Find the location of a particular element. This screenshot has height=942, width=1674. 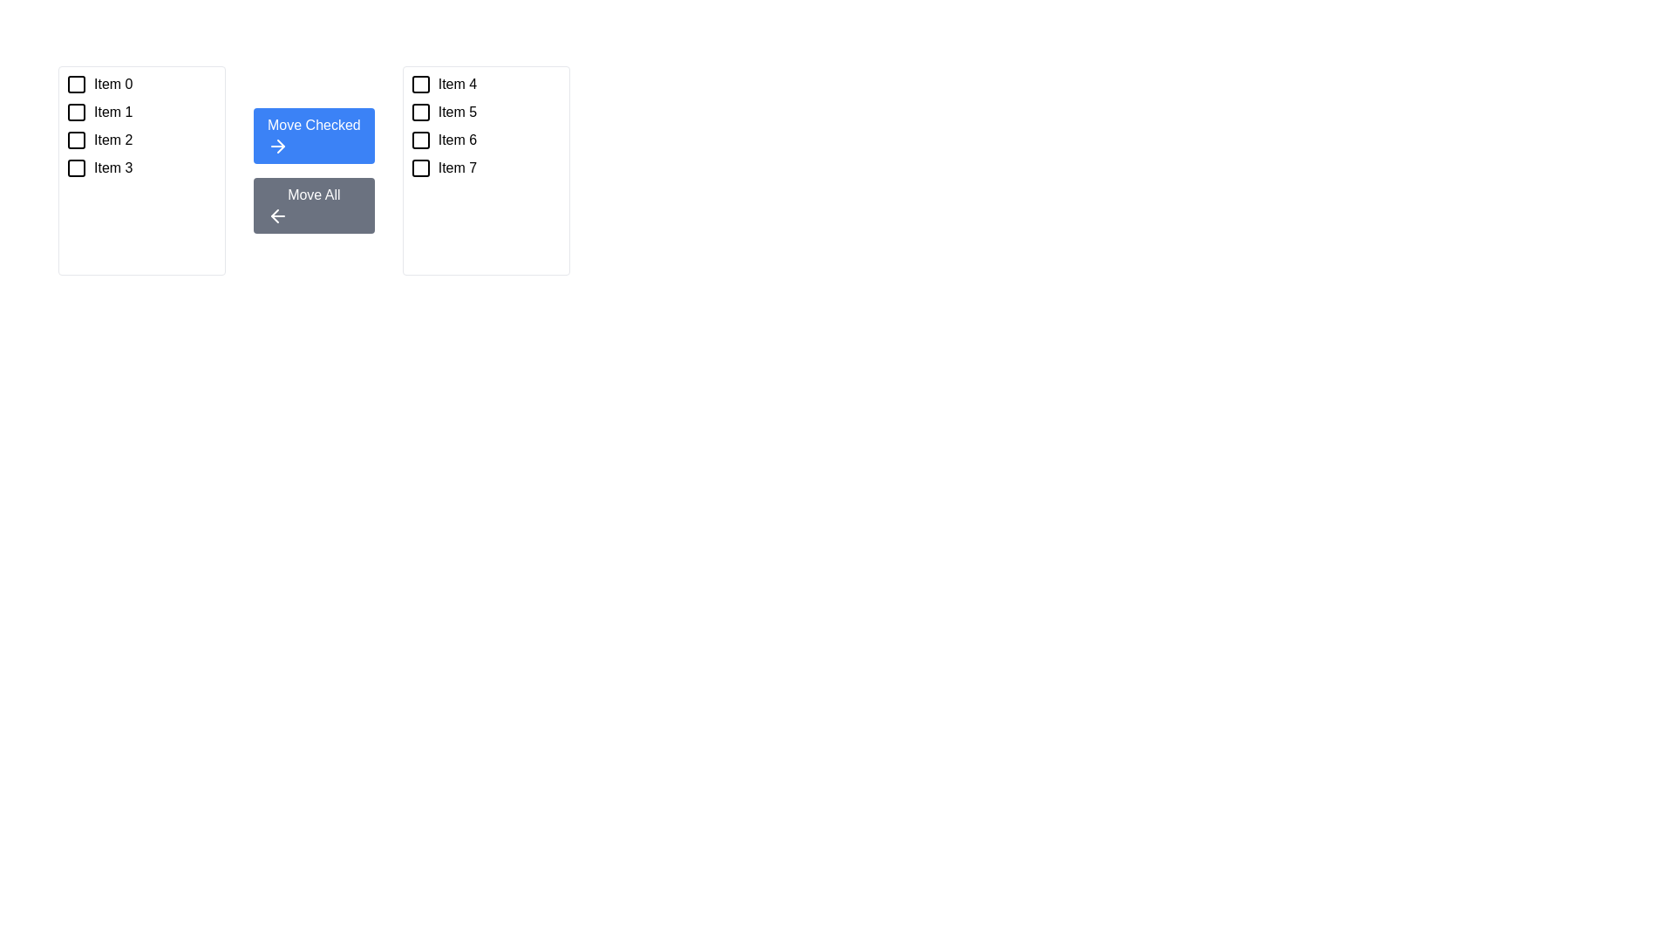

the text label reading 'Item 7' which is the fourth item in a vertical list of similar labels on the right side of the interface is located at coordinates (457, 167).